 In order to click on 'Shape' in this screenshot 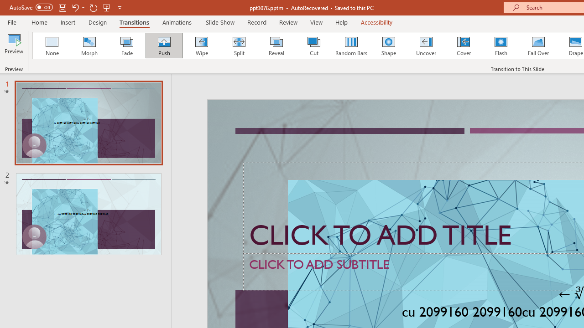, I will do `click(389, 46)`.